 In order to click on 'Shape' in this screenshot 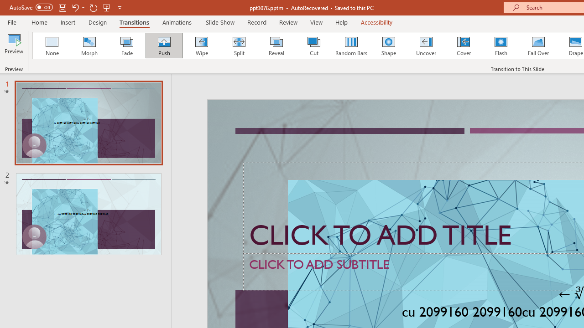, I will do `click(389, 46)`.